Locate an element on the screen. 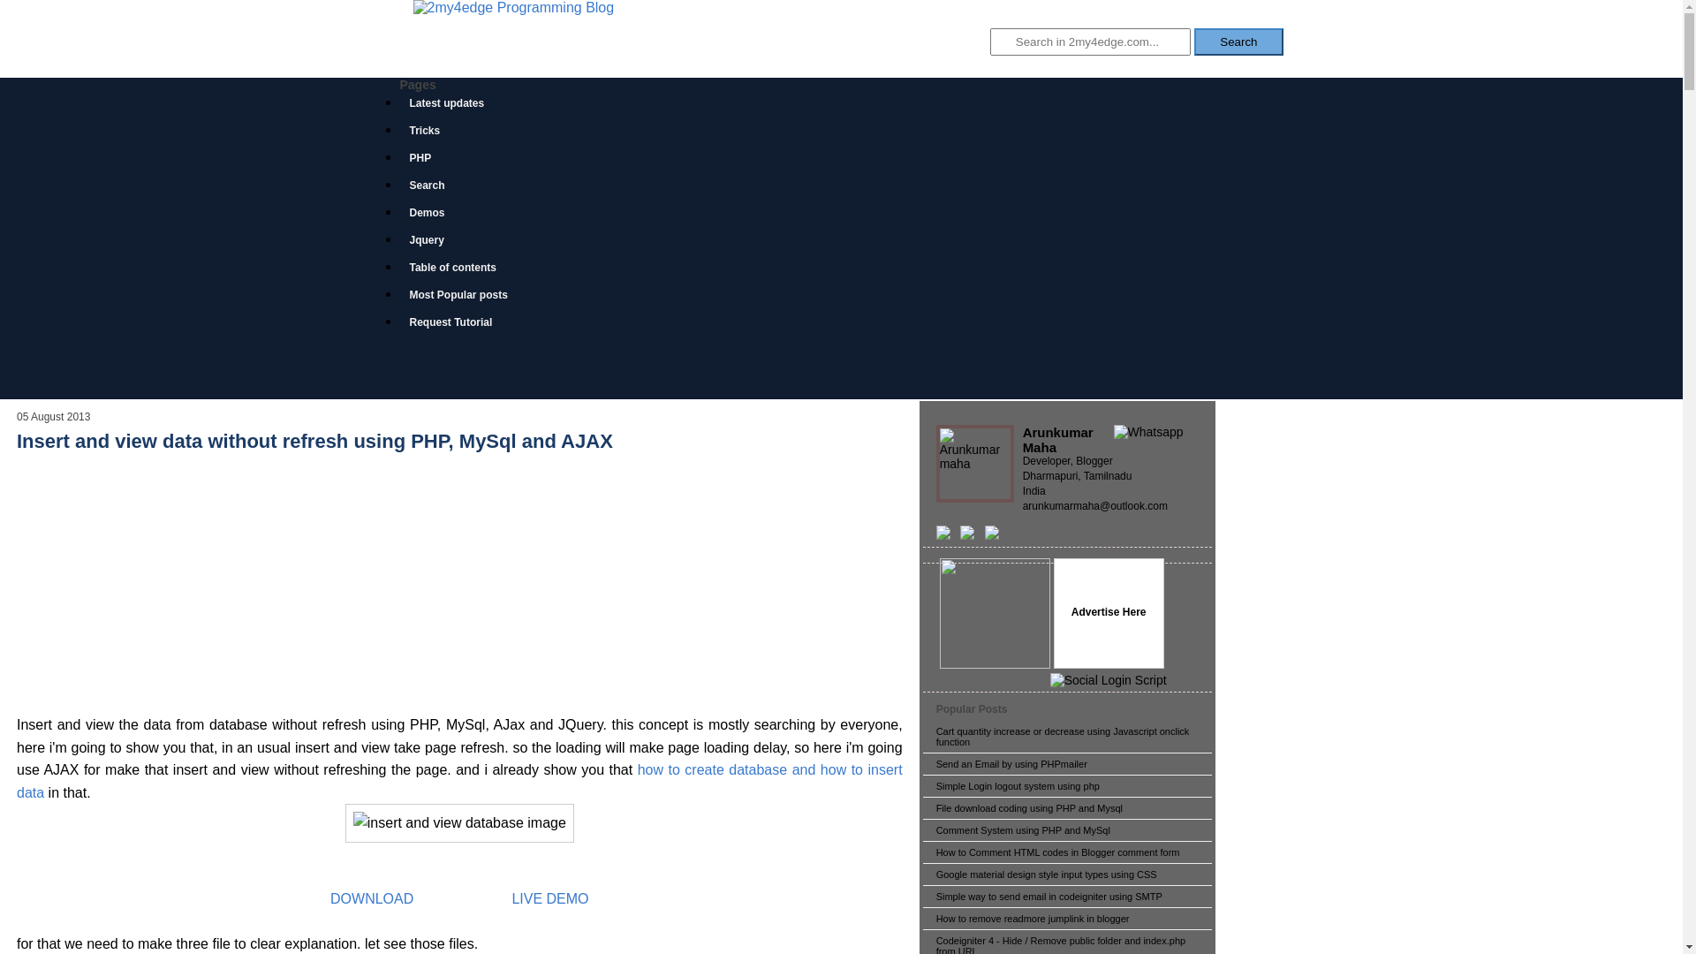 Image resolution: width=1696 pixels, height=954 pixels. 'insert and view database image' is located at coordinates (344, 823).